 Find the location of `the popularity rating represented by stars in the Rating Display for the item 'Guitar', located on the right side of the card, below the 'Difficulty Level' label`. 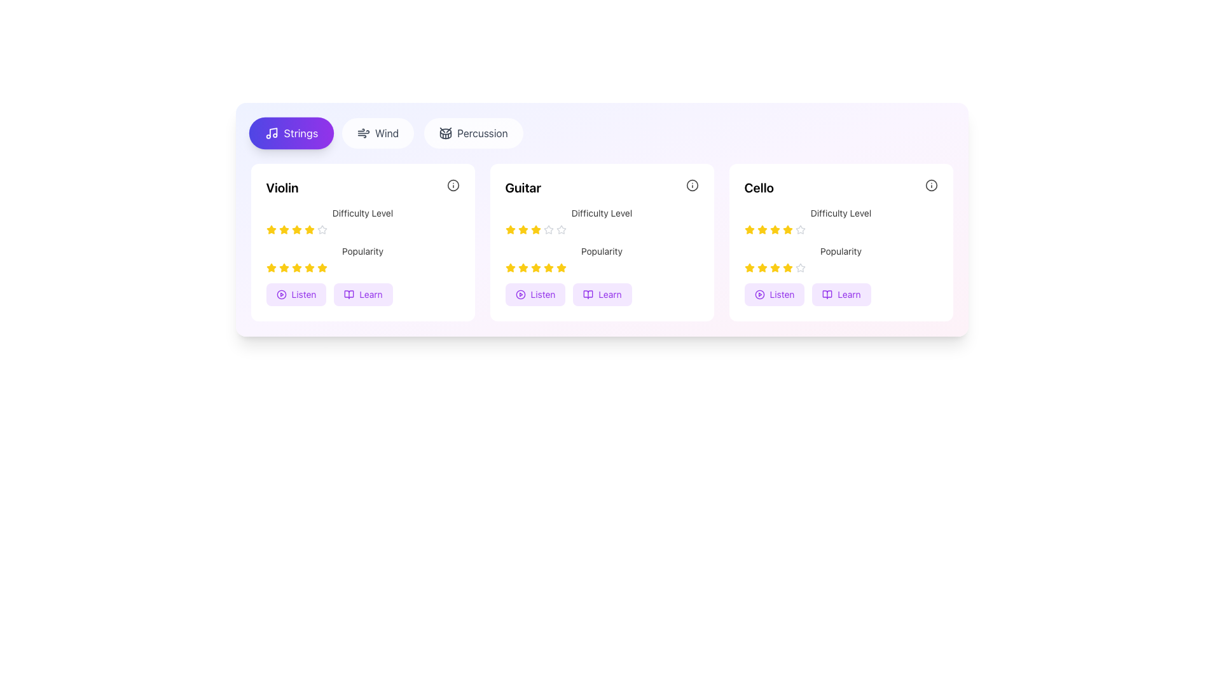

the popularity rating represented by stars in the Rating Display for the item 'Guitar', located on the right side of the card, below the 'Difficulty Level' label is located at coordinates (601, 259).